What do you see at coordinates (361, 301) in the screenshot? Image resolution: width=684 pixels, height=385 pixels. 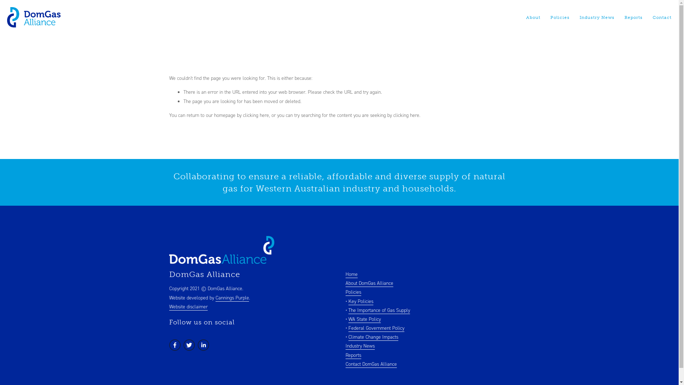 I see `'Key Policies'` at bounding box center [361, 301].